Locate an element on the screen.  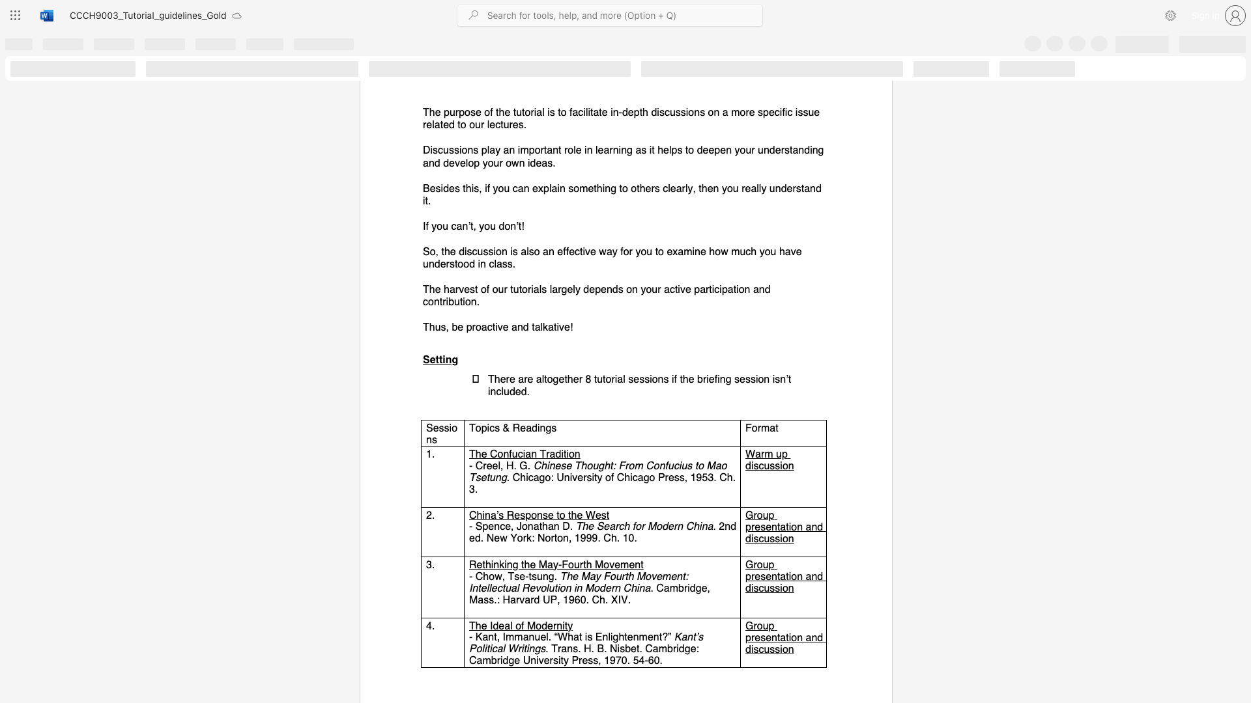
the 1th character "y" in the text is located at coordinates (556, 564).